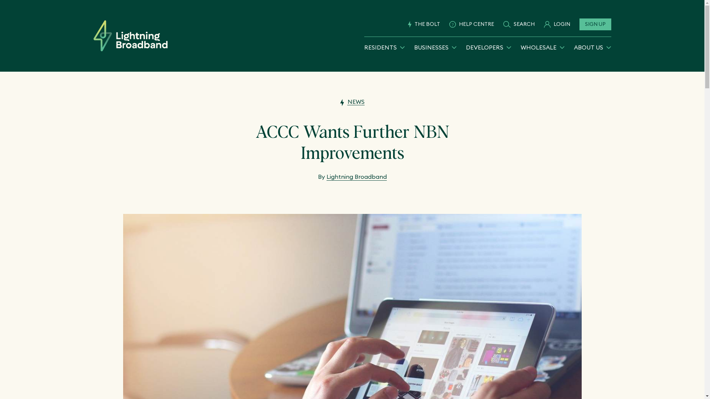 The width and height of the screenshot is (710, 399). Describe the element at coordinates (471, 24) in the screenshot. I see `'?` at that location.